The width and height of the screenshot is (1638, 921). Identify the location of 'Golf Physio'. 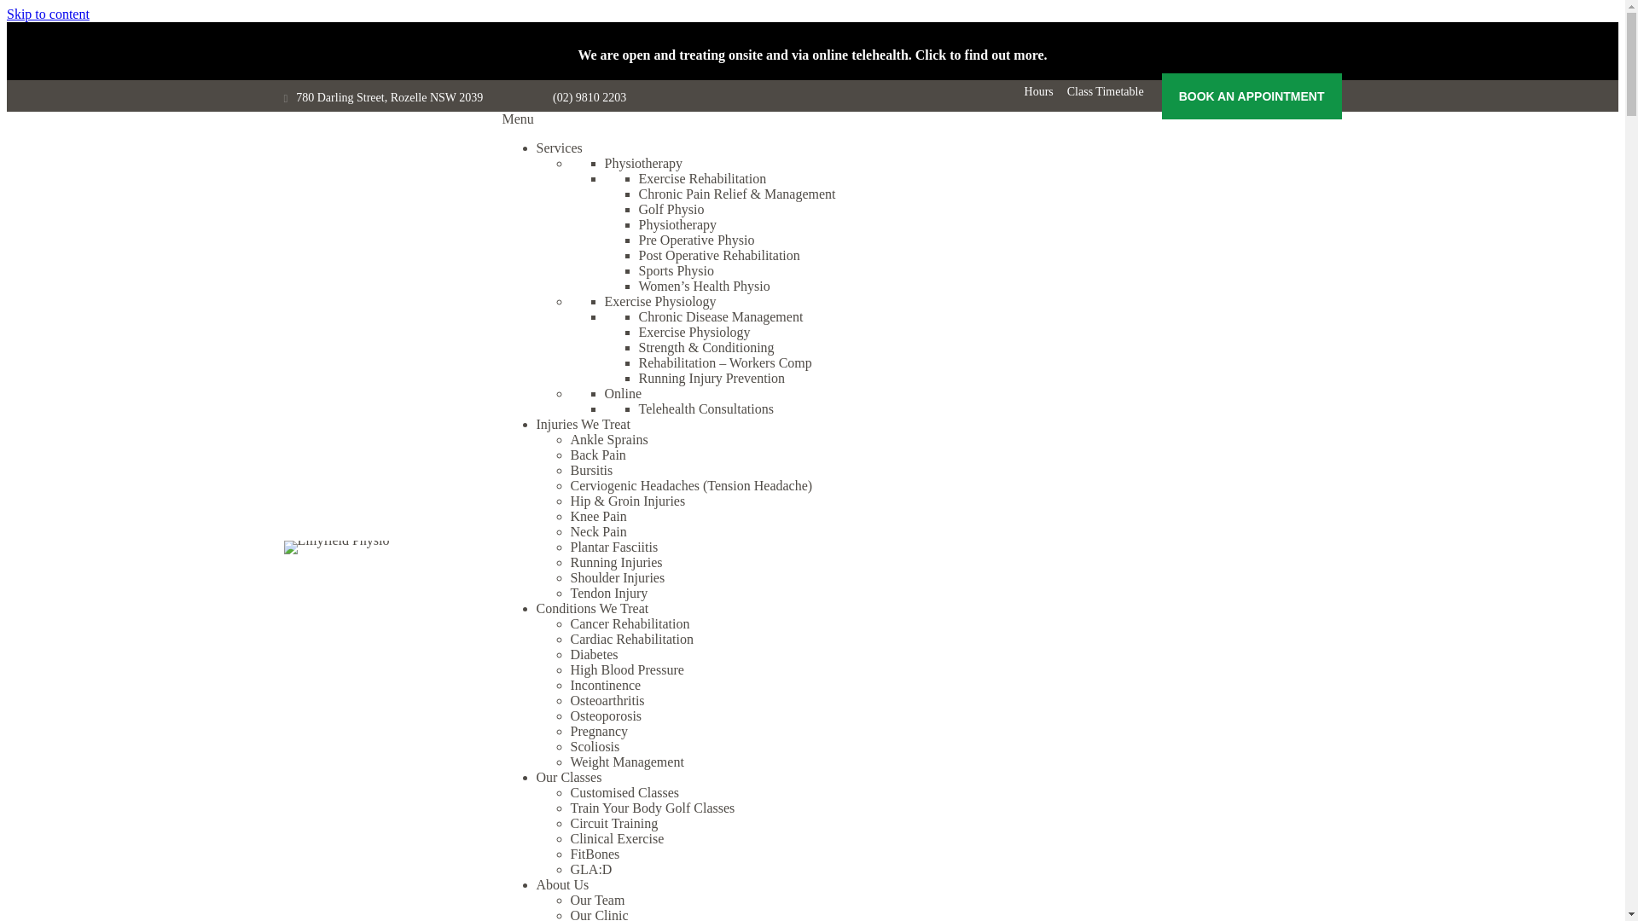
(637, 208).